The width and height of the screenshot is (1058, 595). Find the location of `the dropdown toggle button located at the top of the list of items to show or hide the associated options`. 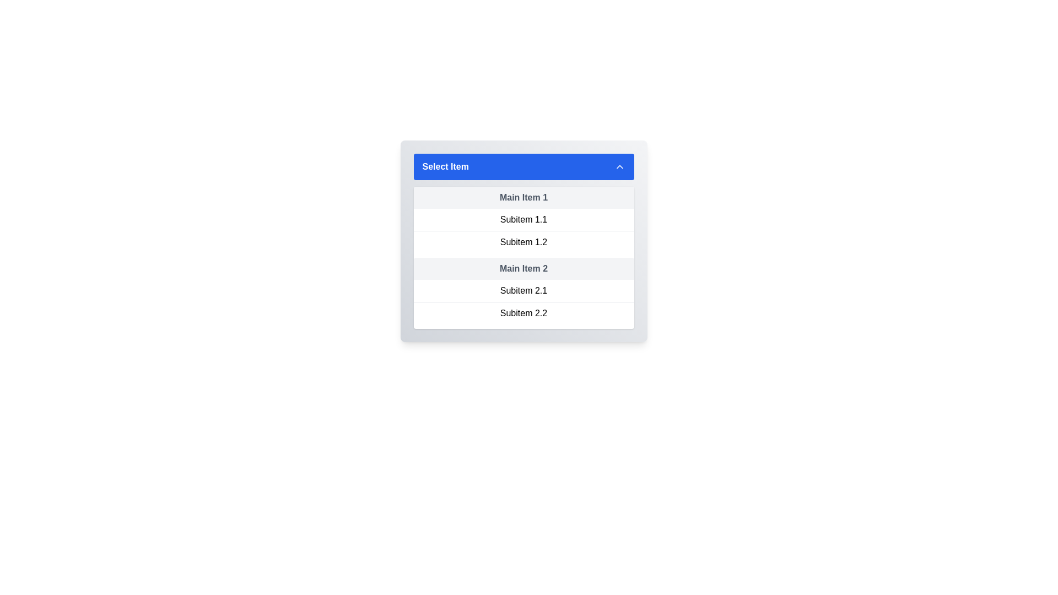

the dropdown toggle button located at the top of the list of items to show or hide the associated options is located at coordinates (523, 167).